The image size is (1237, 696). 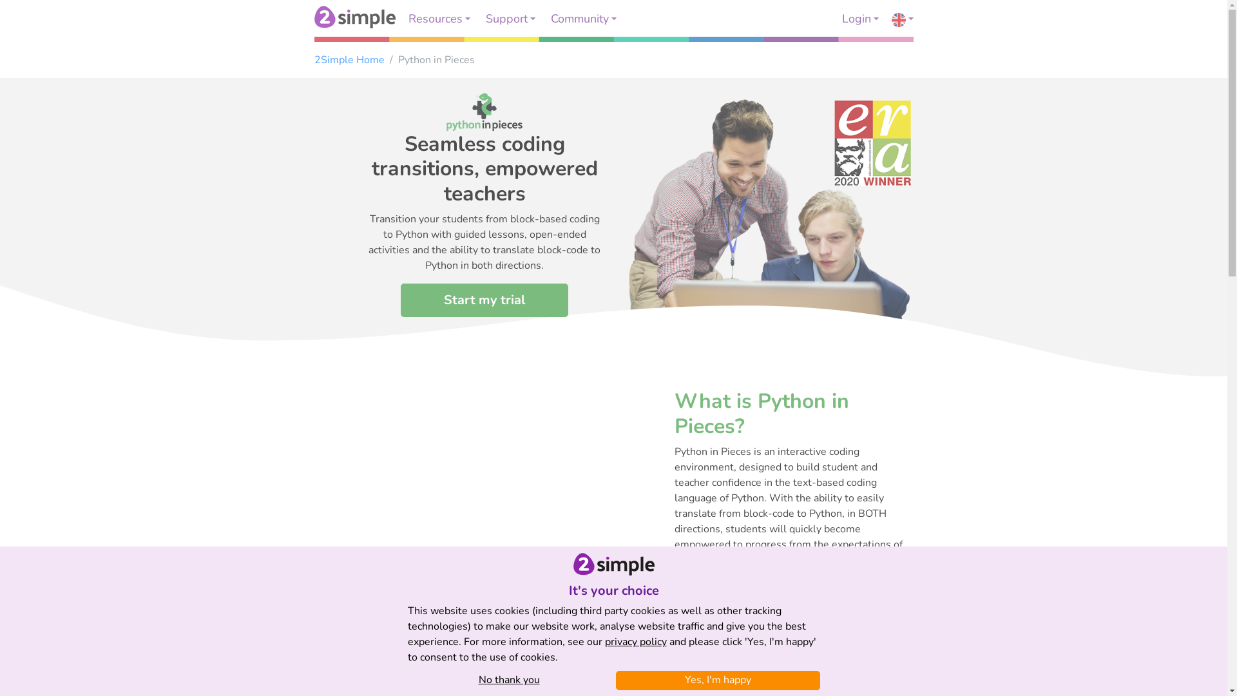 What do you see at coordinates (510, 19) in the screenshot?
I see `'Support'` at bounding box center [510, 19].